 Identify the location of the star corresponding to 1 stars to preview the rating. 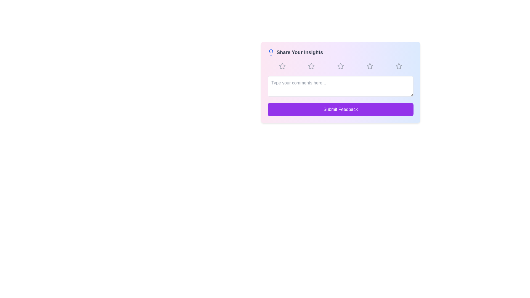
(282, 66).